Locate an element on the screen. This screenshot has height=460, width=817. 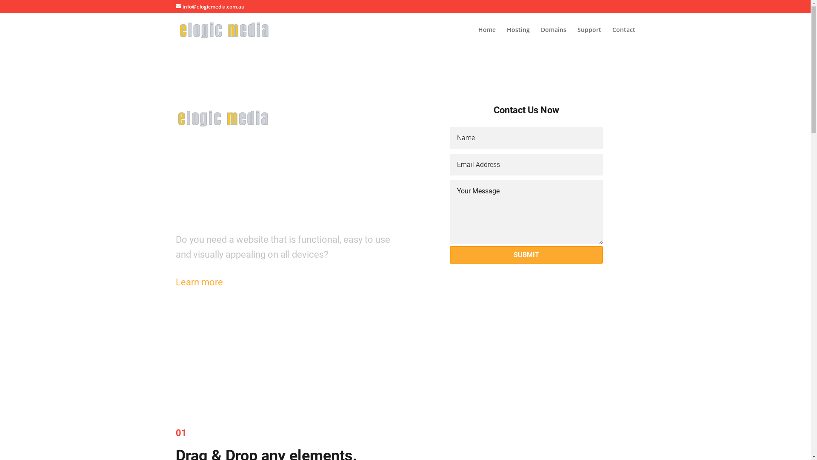
'Contact' is located at coordinates (623, 36).